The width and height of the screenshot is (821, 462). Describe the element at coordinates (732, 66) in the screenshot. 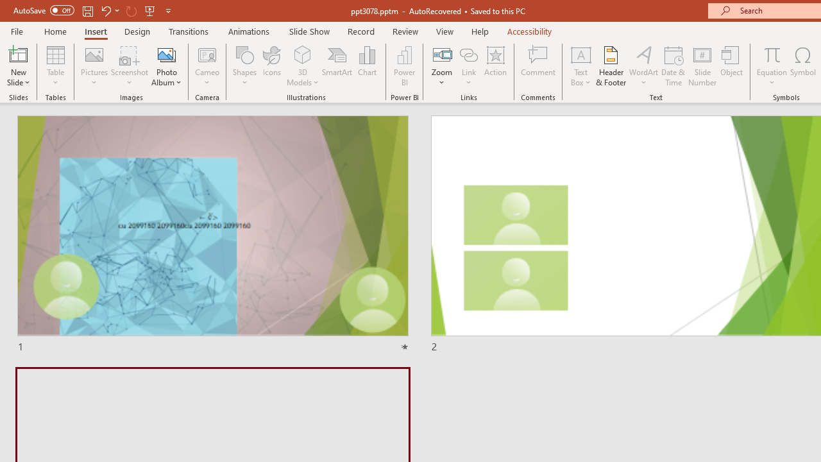

I see `'Object...'` at that location.